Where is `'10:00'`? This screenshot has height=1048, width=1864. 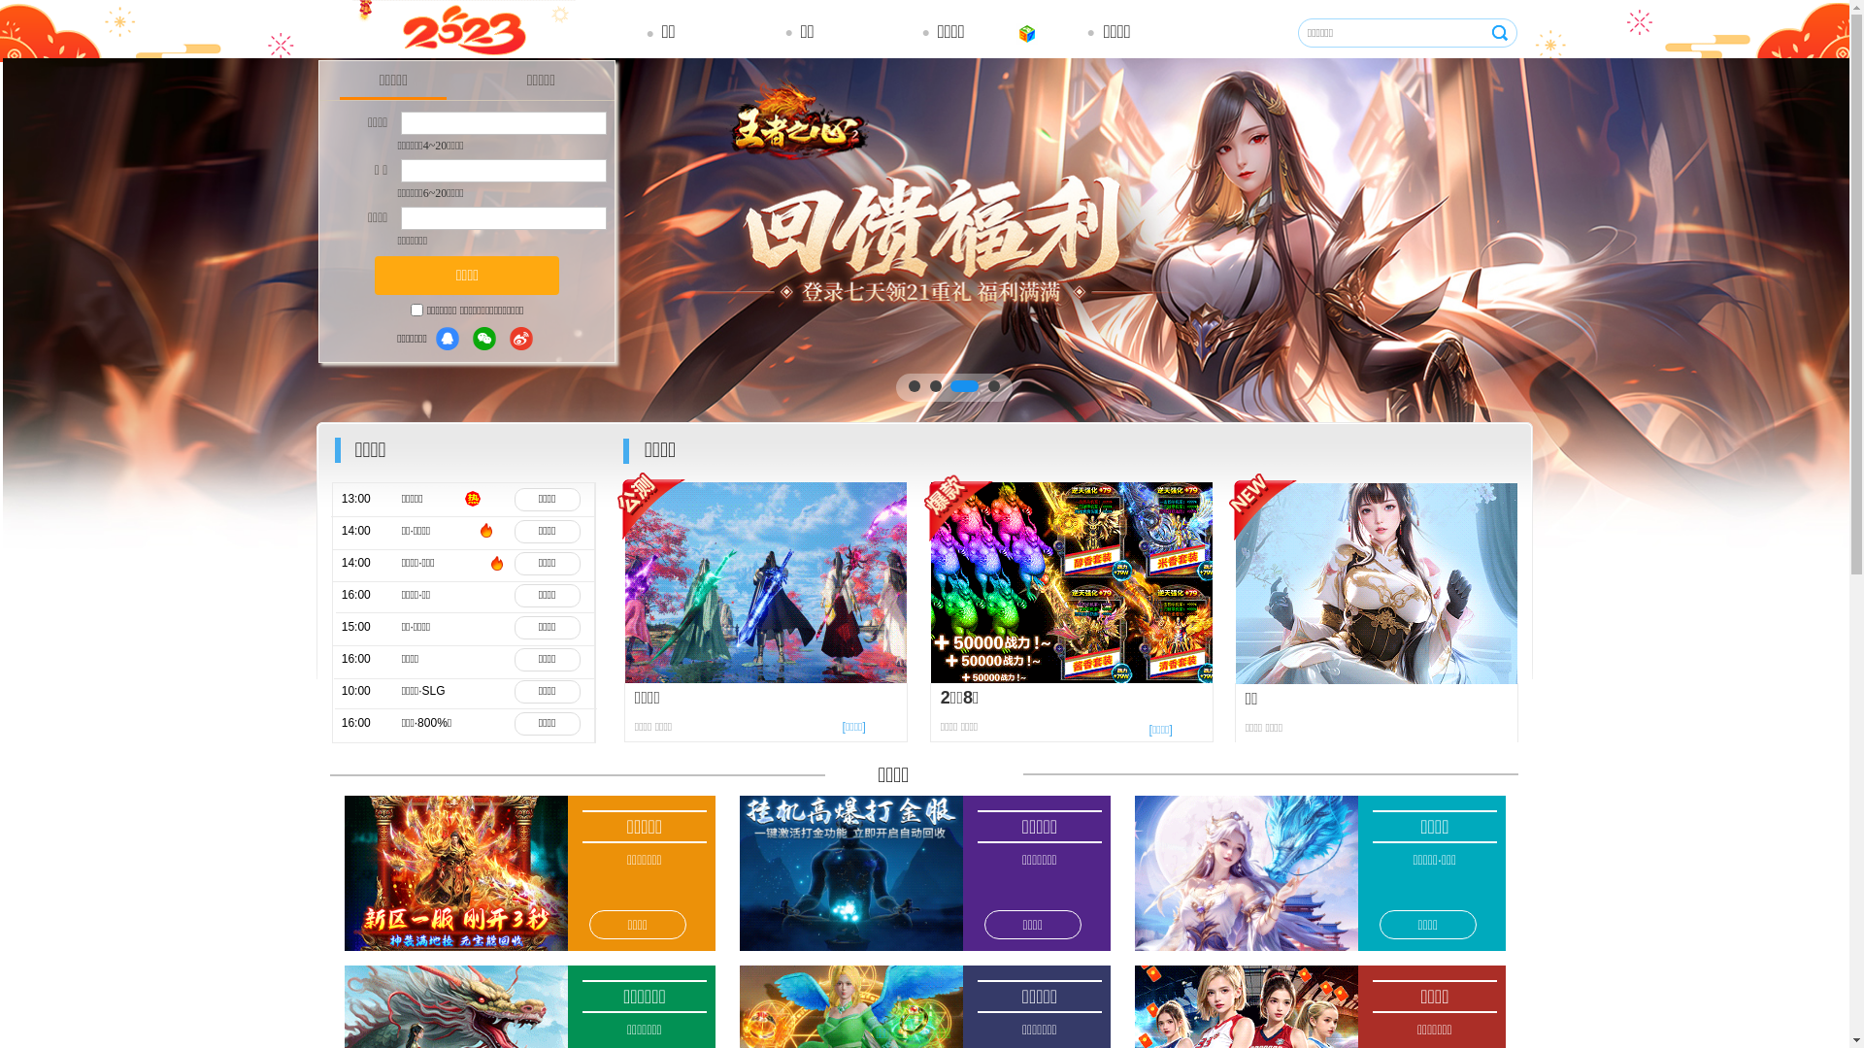
'10:00' is located at coordinates (369, 690).